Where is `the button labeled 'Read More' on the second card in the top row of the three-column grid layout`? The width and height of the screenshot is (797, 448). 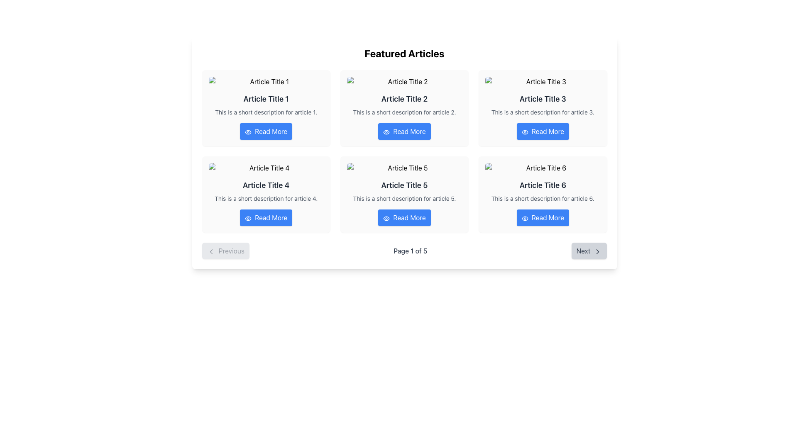
the button labeled 'Read More' on the second card in the top row of the three-column grid layout is located at coordinates (404, 108).